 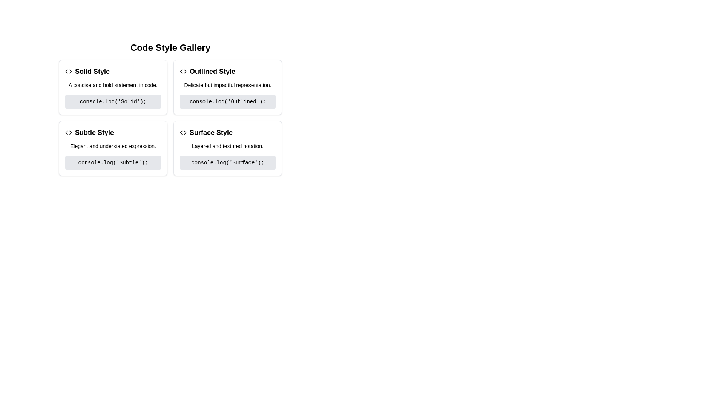 I want to click on the black text reading 'Elegant and understated expression.' located under the 'Subtle Style' section within a bordered card in the 'Code Style Gallery.', so click(x=112, y=146).